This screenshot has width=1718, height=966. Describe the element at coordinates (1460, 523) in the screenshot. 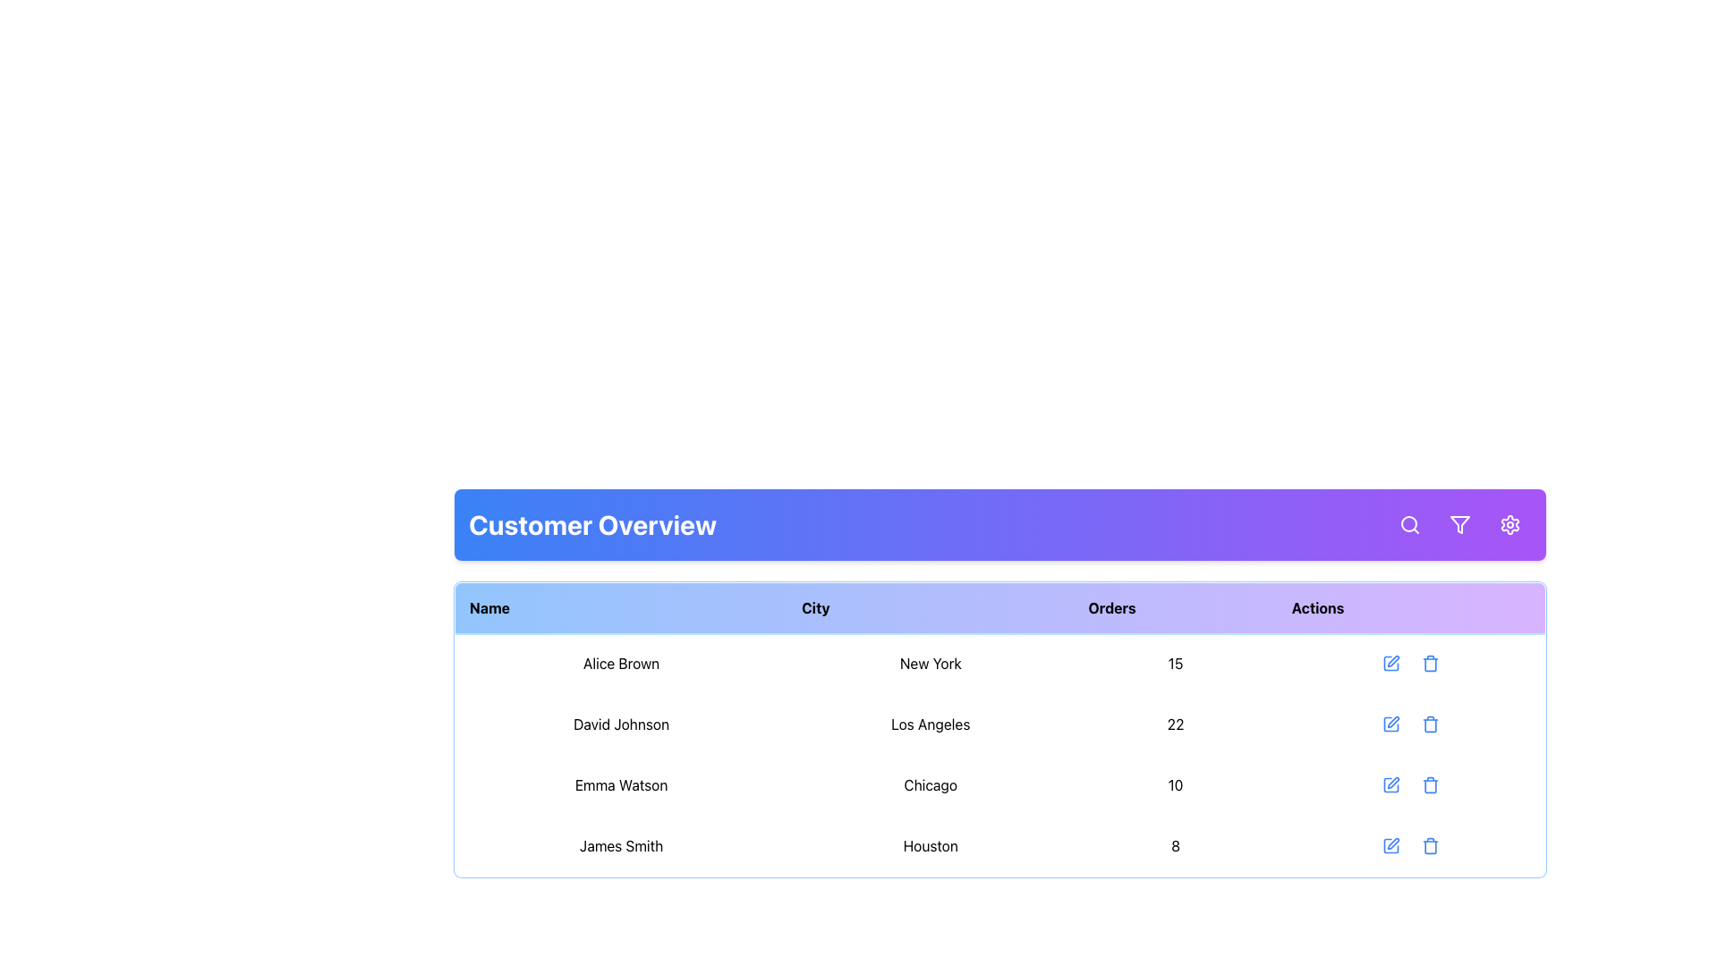

I see `the filter icon located in the top-right corner of the interface header to apply or open filter options` at that location.